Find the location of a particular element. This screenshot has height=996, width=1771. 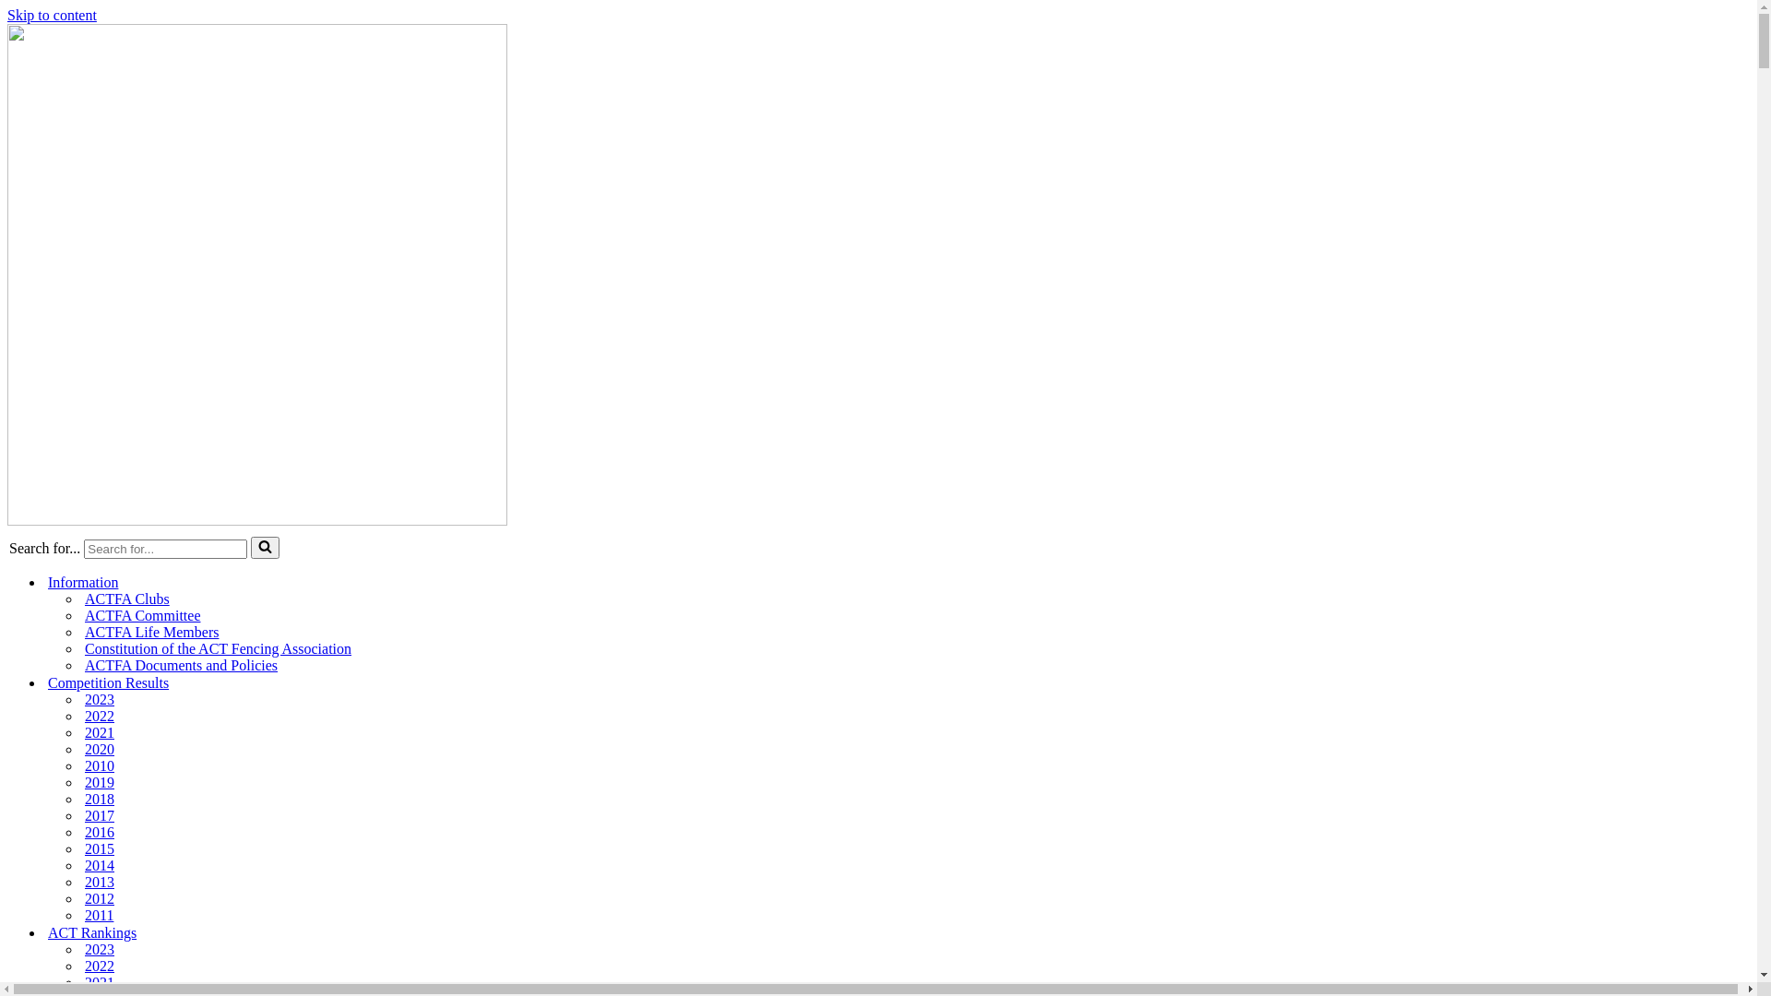

'ACTFA Committee' is located at coordinates (141, 615).